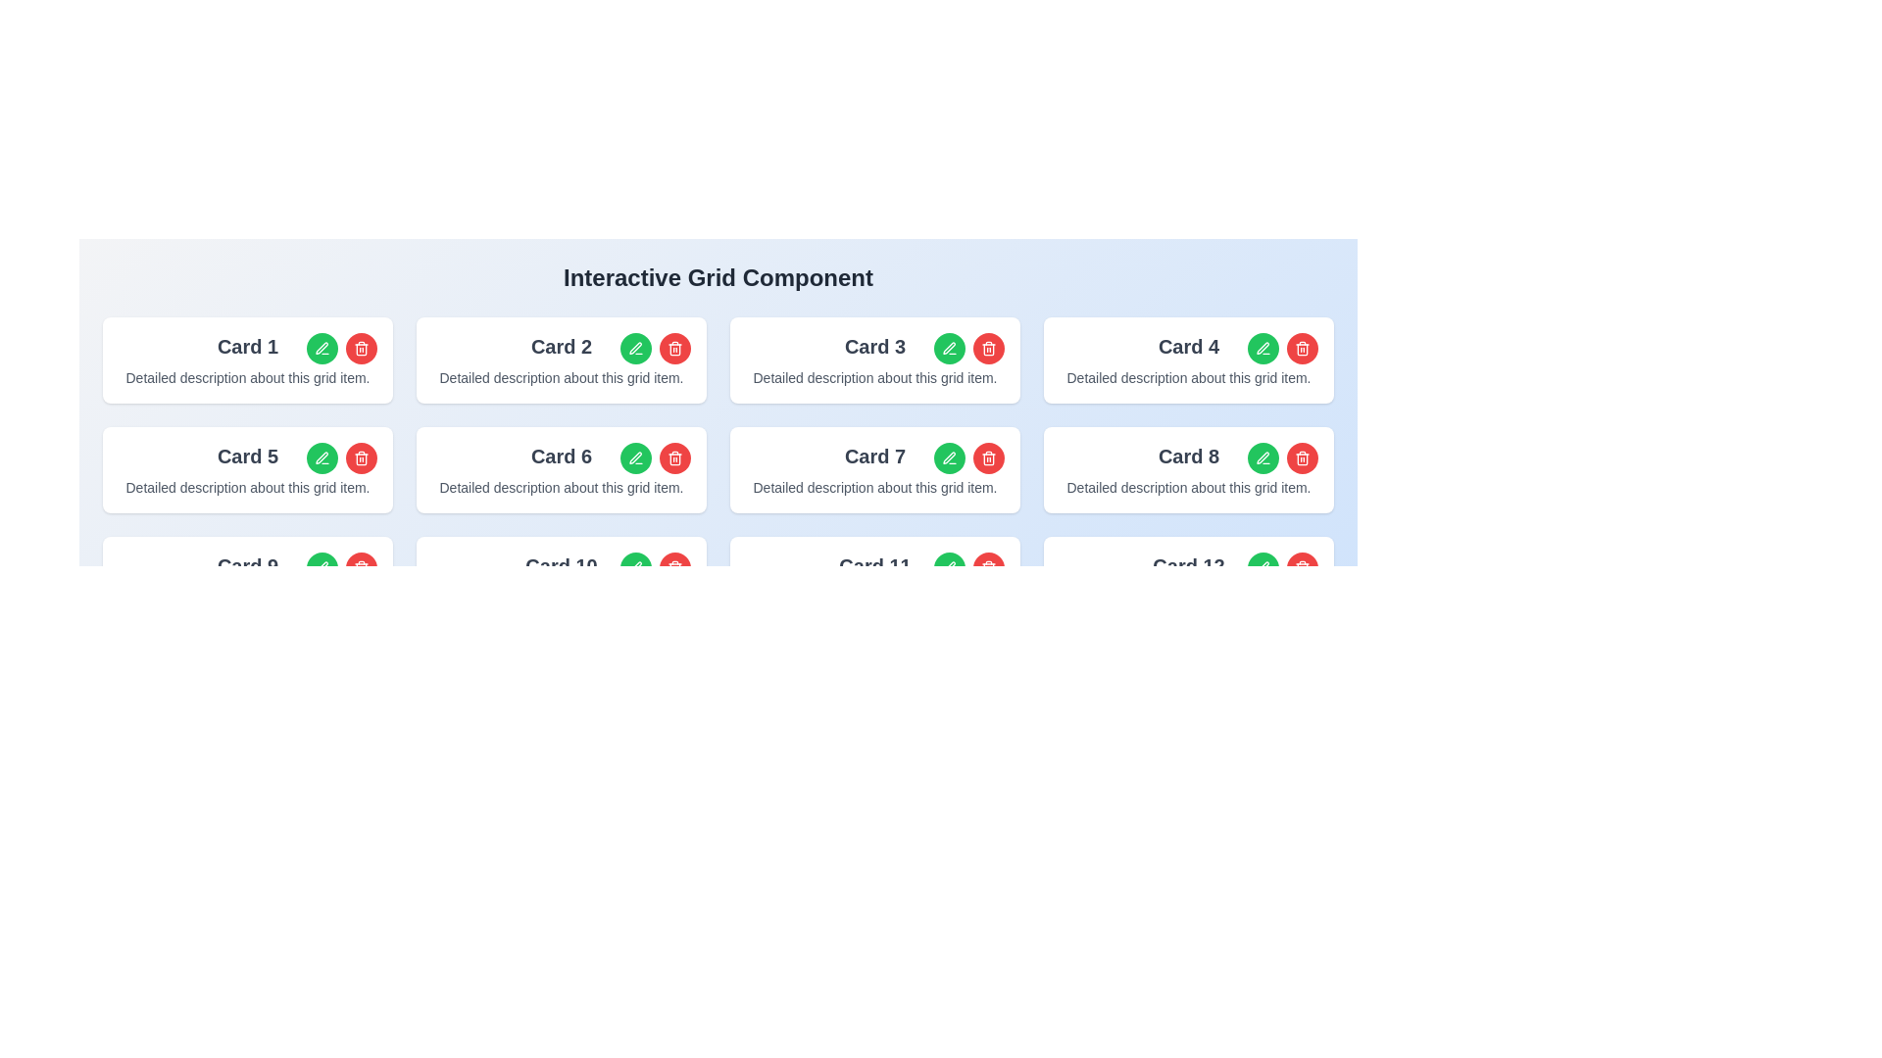 This screenshot has width=1882, height=1058. What do you see at coordinates (635, 457) in the screenshot?
I see `the circular green button with a white pen icon located in the top-right corner of 'Card 6'` at bounding box center [635, 457].